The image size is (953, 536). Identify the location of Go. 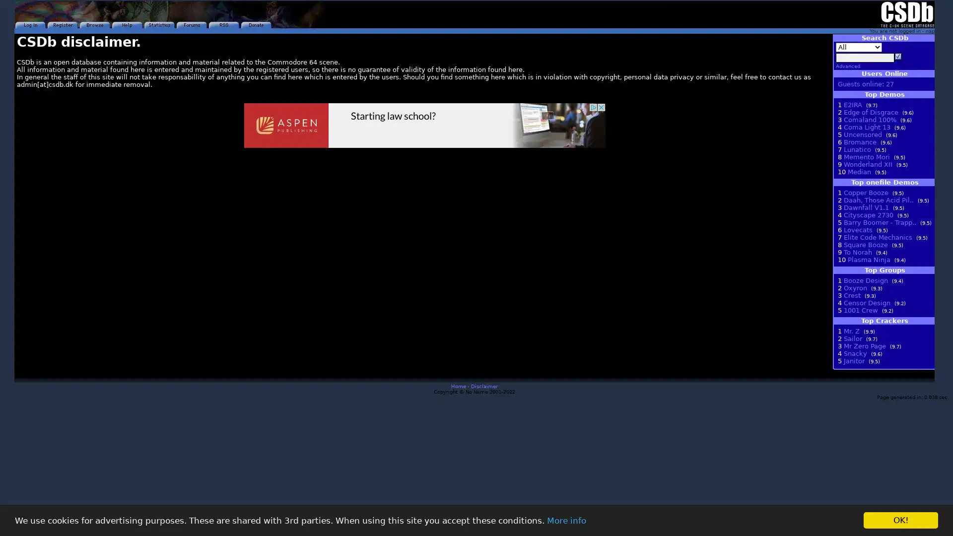
(898, 57).